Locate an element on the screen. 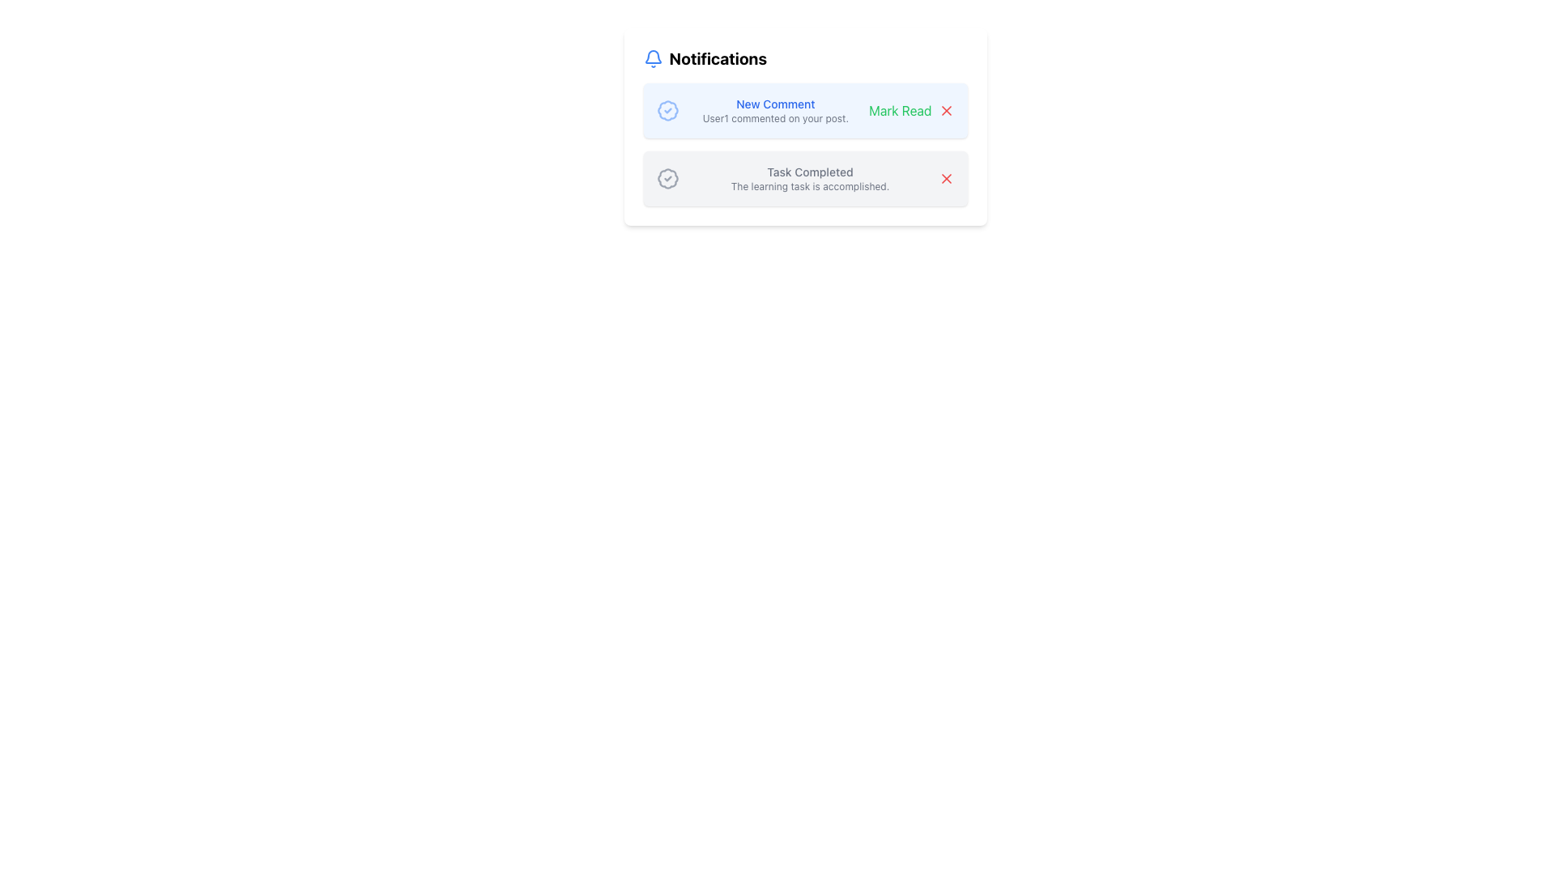  the 'Notifications' text label, which is prominently displayed in a bold and large font style, located to the right of the bell icon in the top section of the interface is located at coordinates (717, 58).